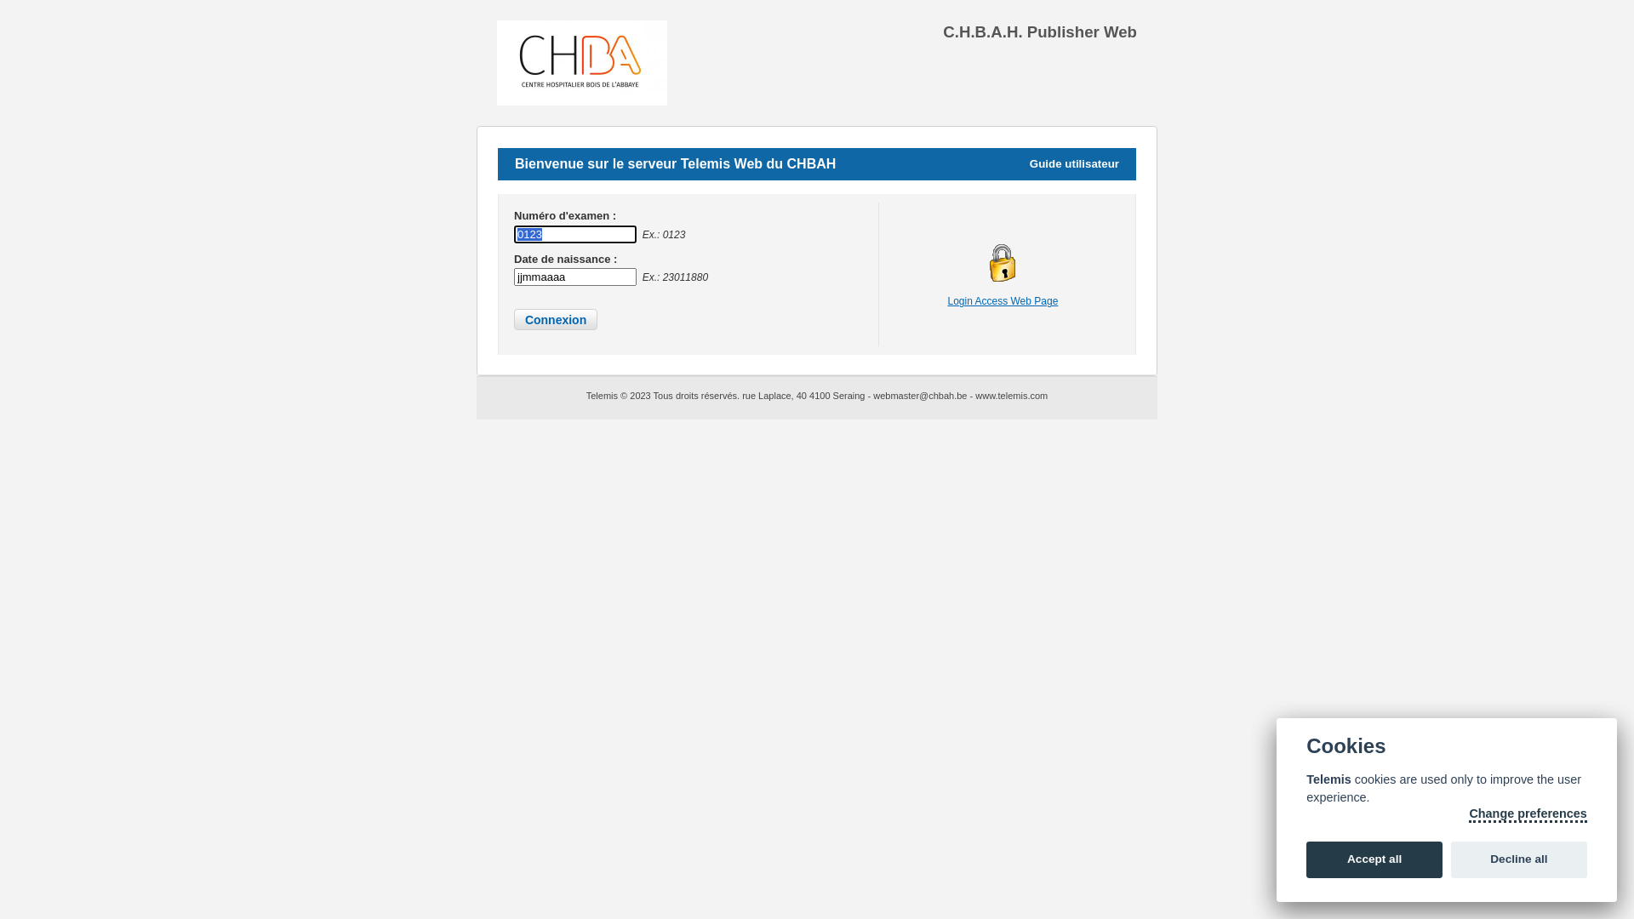  I want to click on ' Connexion ', so click(555, 319).